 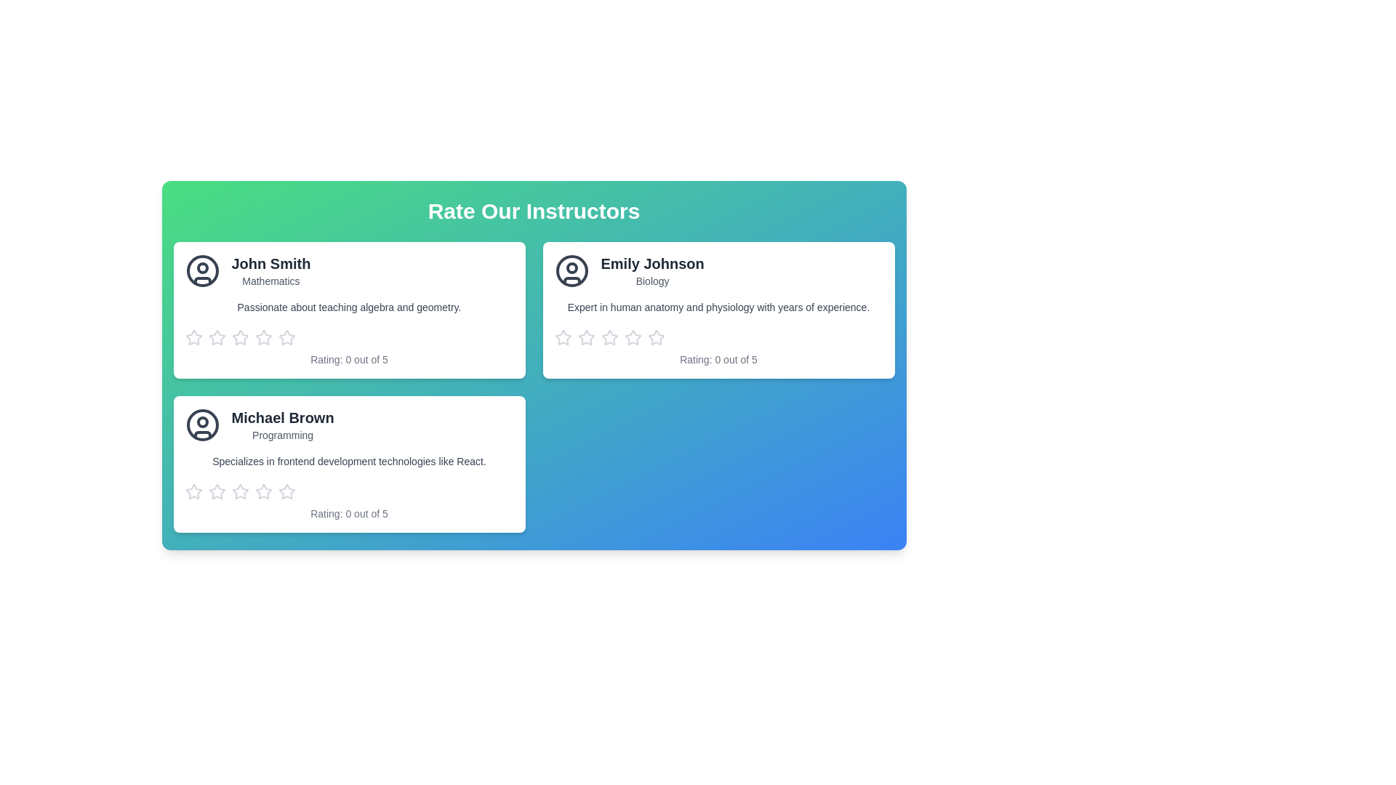 I want to click on the text displaying 'Passionate about teaching algebra and geometry.' located within the card titled 'John Smith.', so click(x=349, y=307).